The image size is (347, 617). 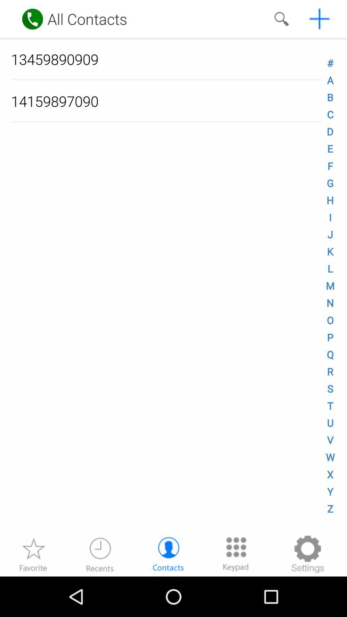 I want to click on clock page, so click(x=100, y=554).